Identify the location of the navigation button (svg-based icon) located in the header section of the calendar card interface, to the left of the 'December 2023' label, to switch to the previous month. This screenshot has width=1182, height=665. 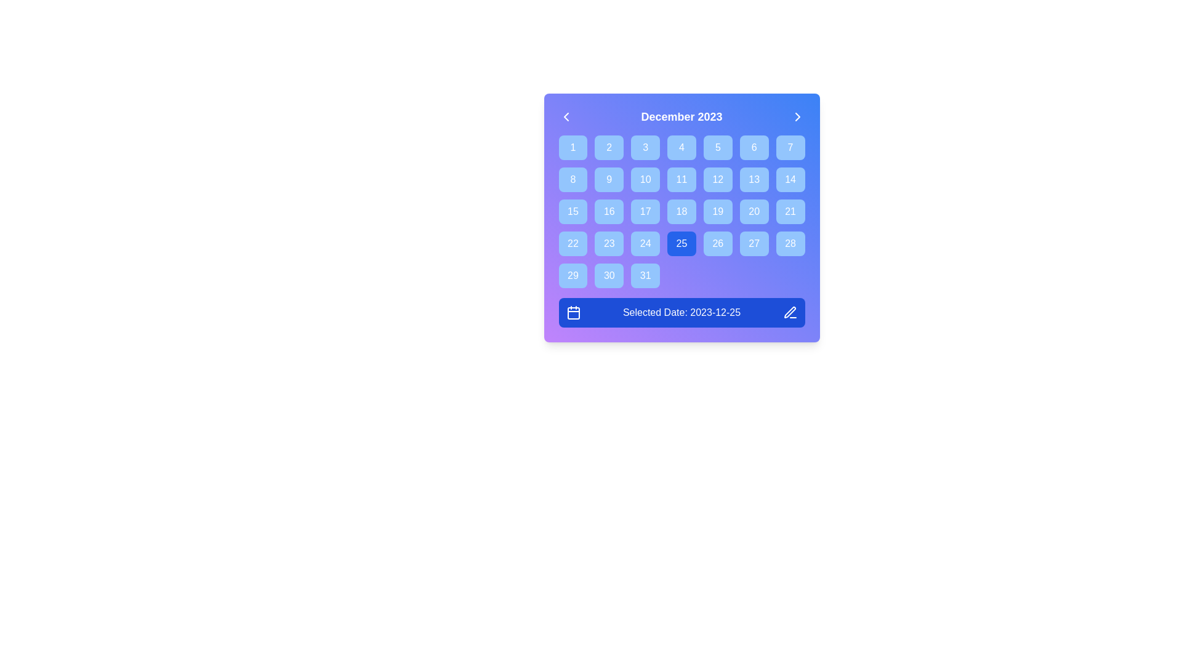
(565, 116).